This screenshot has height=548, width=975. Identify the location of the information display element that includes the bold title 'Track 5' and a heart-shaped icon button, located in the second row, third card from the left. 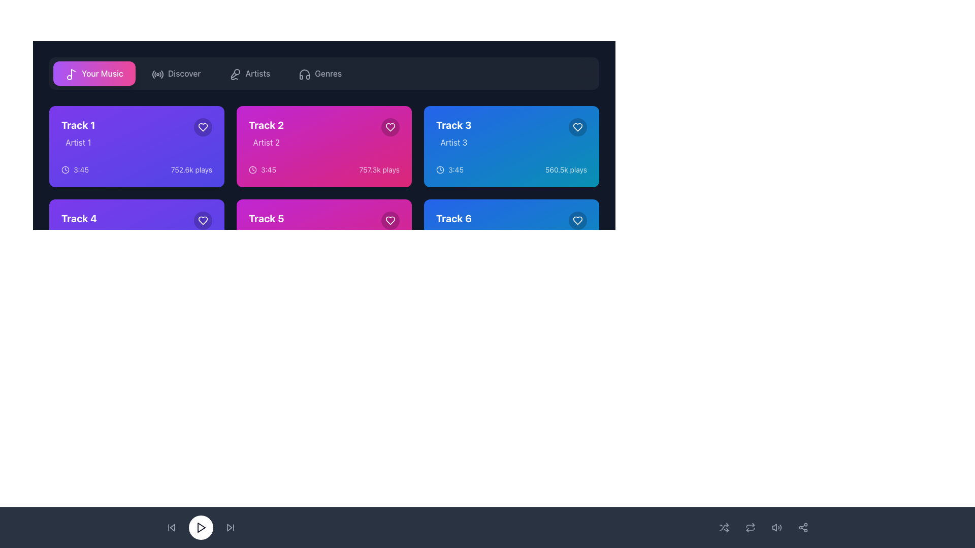
(323, 226).